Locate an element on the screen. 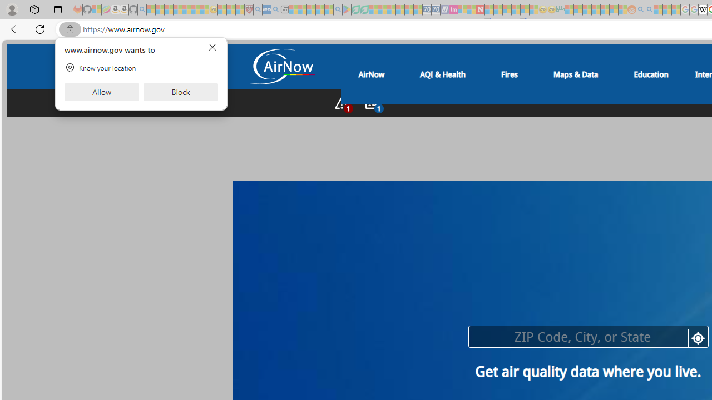  'Target page - Wikipedia' is located at coordinates (702, 9).